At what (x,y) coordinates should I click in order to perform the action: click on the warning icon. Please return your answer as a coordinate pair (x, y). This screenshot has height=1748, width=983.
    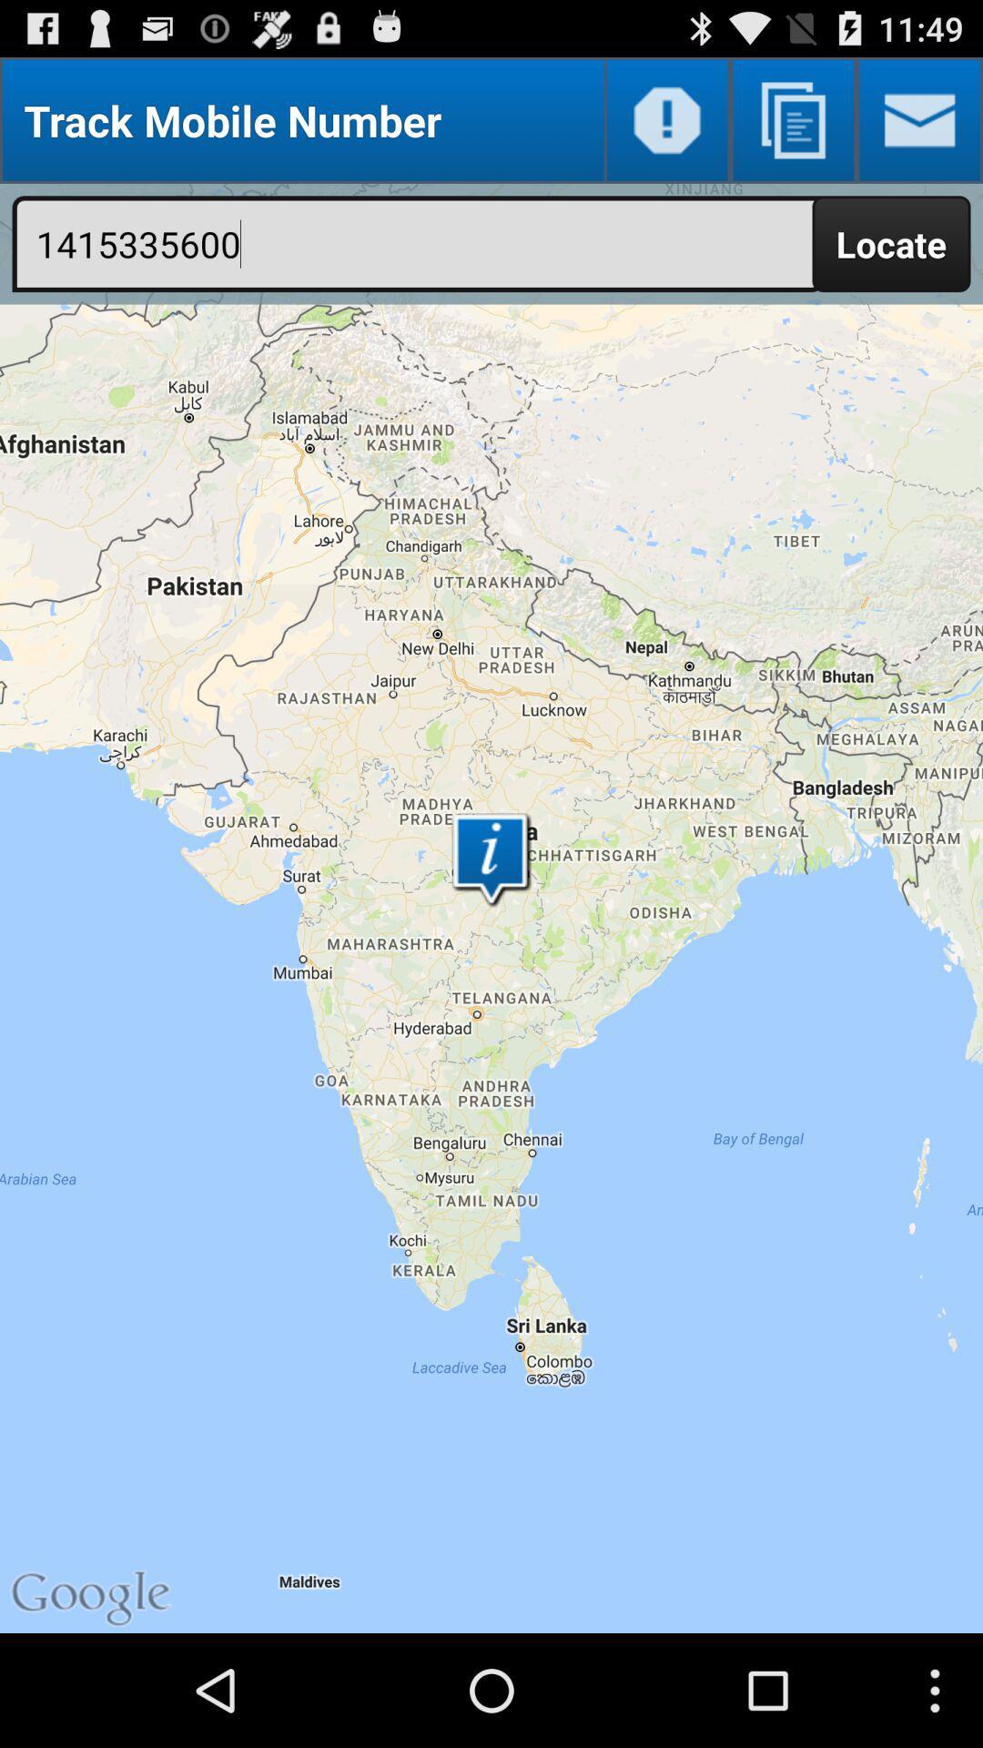
    Looking at the image, I should click on (667, 127).